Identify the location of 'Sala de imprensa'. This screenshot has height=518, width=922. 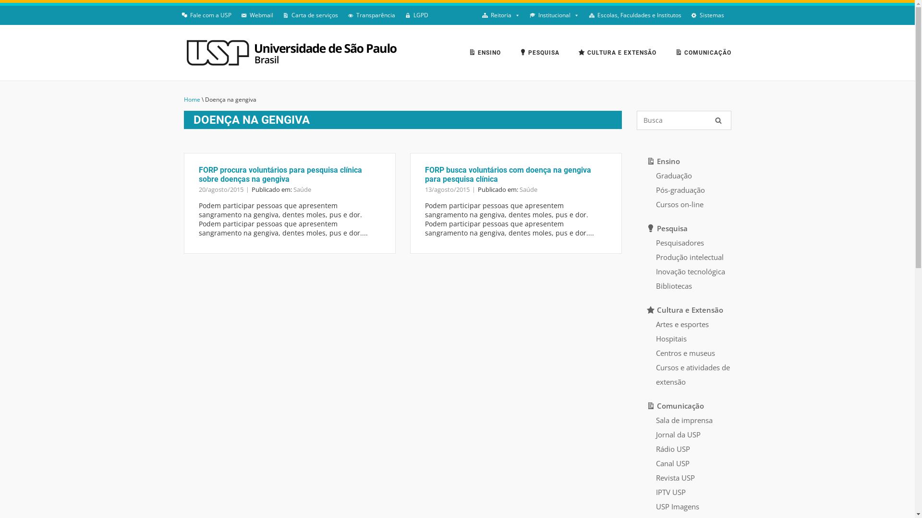
(684, 419).